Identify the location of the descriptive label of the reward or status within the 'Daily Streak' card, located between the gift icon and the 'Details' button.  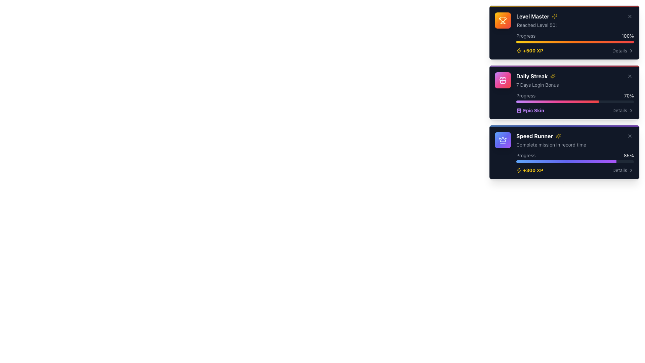
(533, 110).